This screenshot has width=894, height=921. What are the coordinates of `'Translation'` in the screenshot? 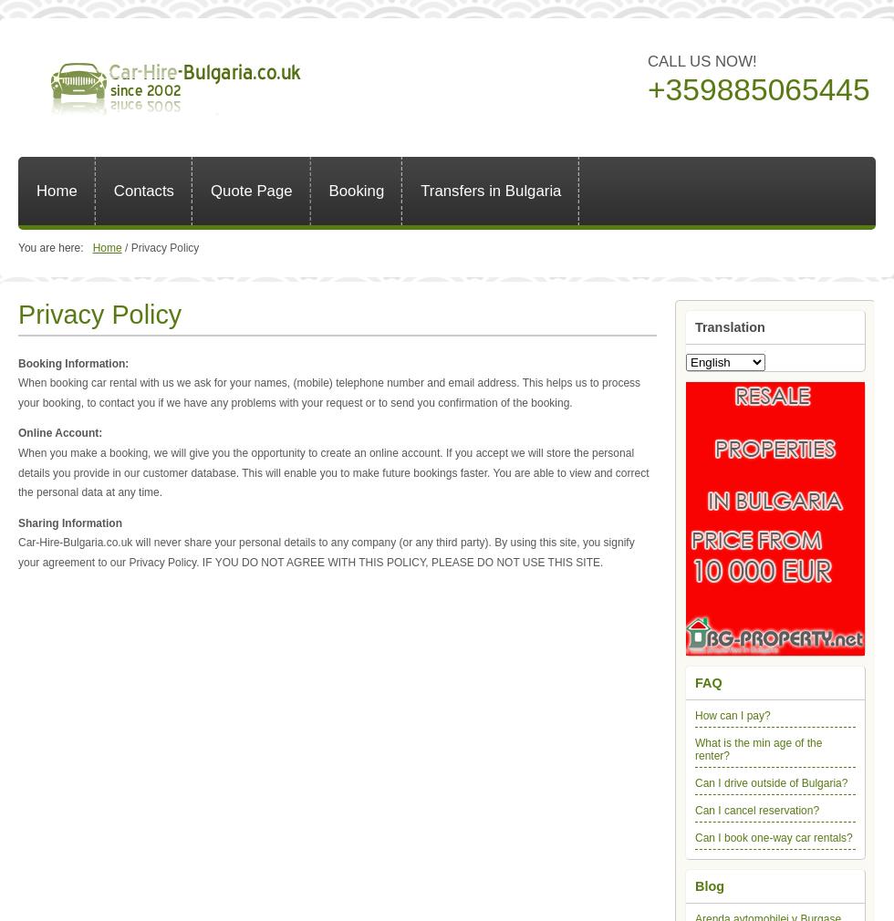 It's located at (729, 326).